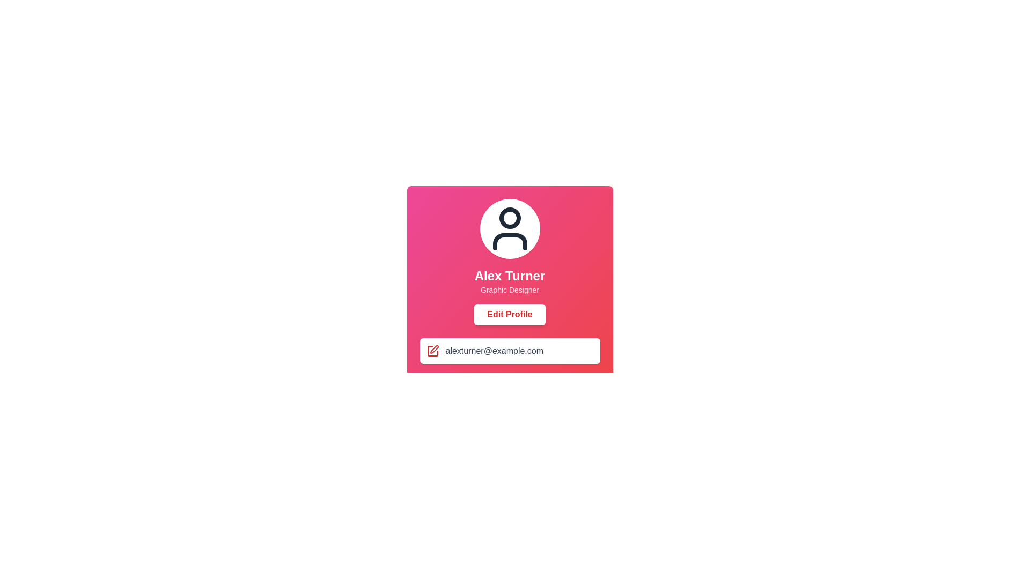  Describe the element at coordinates (509, 276) in the screenshot. I see `the text element displaying 'Alex Turner' in a bold, large font with a white color on a pink background, which is centrally aligned in the profile card layout` at that location.